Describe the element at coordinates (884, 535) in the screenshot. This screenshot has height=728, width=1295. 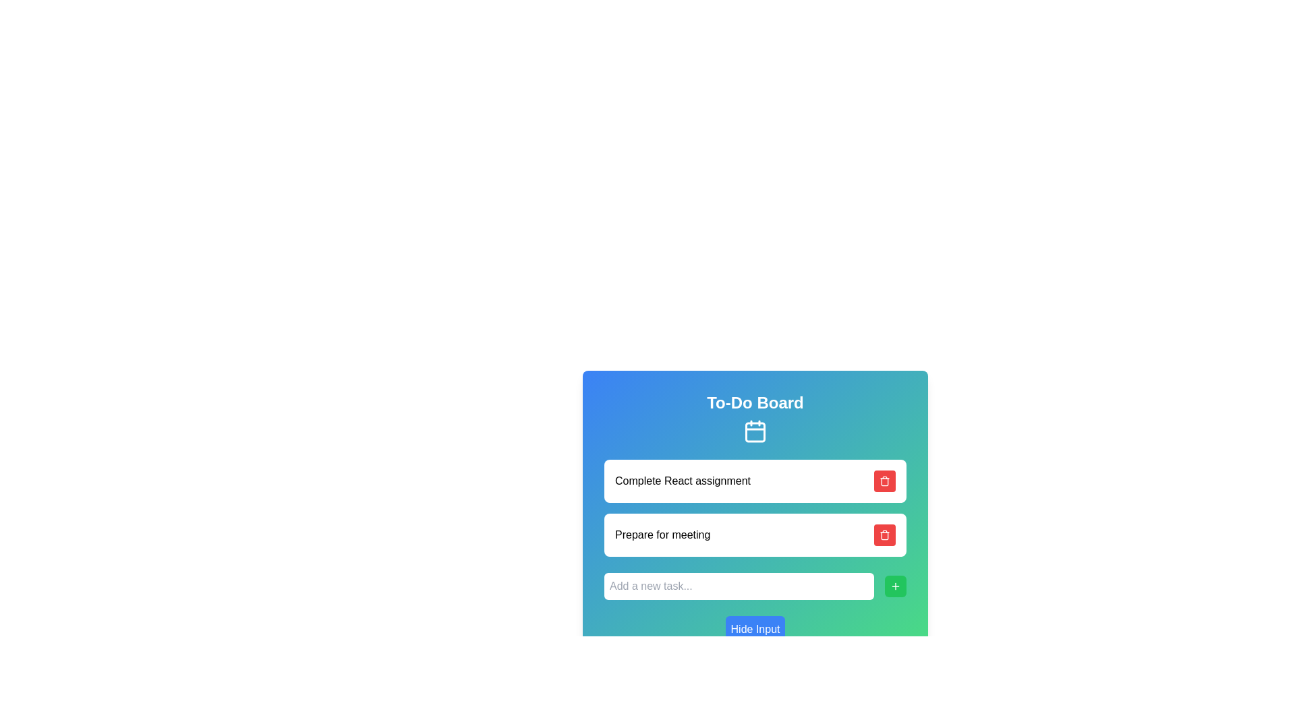
I see `the red rounded rectangle button with a white trash can icon` at that location.